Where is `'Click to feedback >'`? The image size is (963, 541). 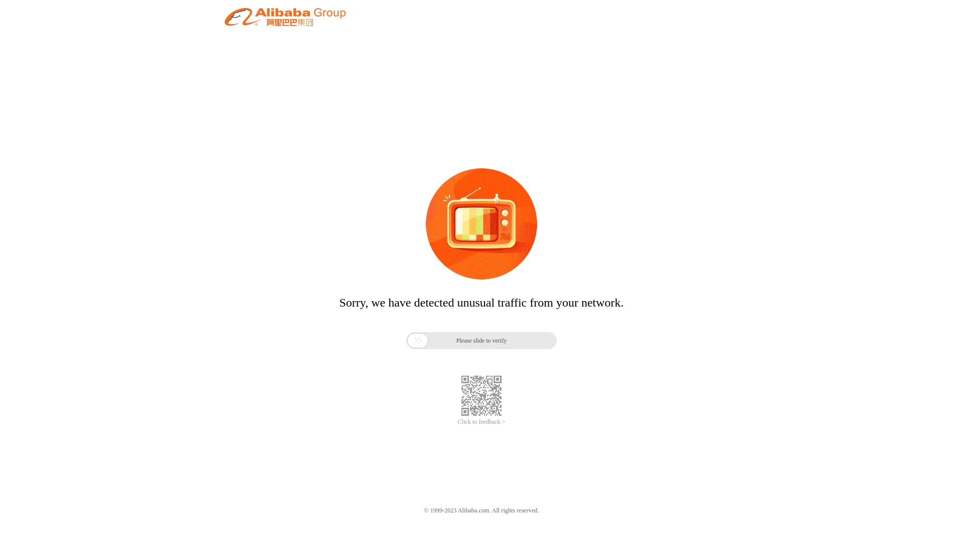 'Click to feedback >' is located at coordinates (481, 422).